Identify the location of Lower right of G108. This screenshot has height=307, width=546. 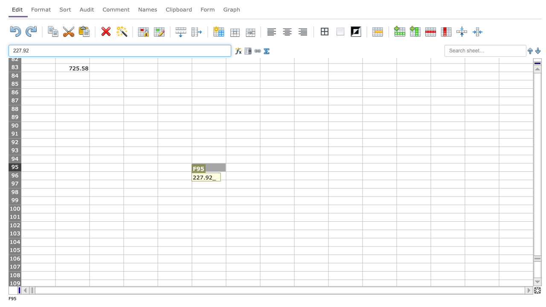
(260, 279).